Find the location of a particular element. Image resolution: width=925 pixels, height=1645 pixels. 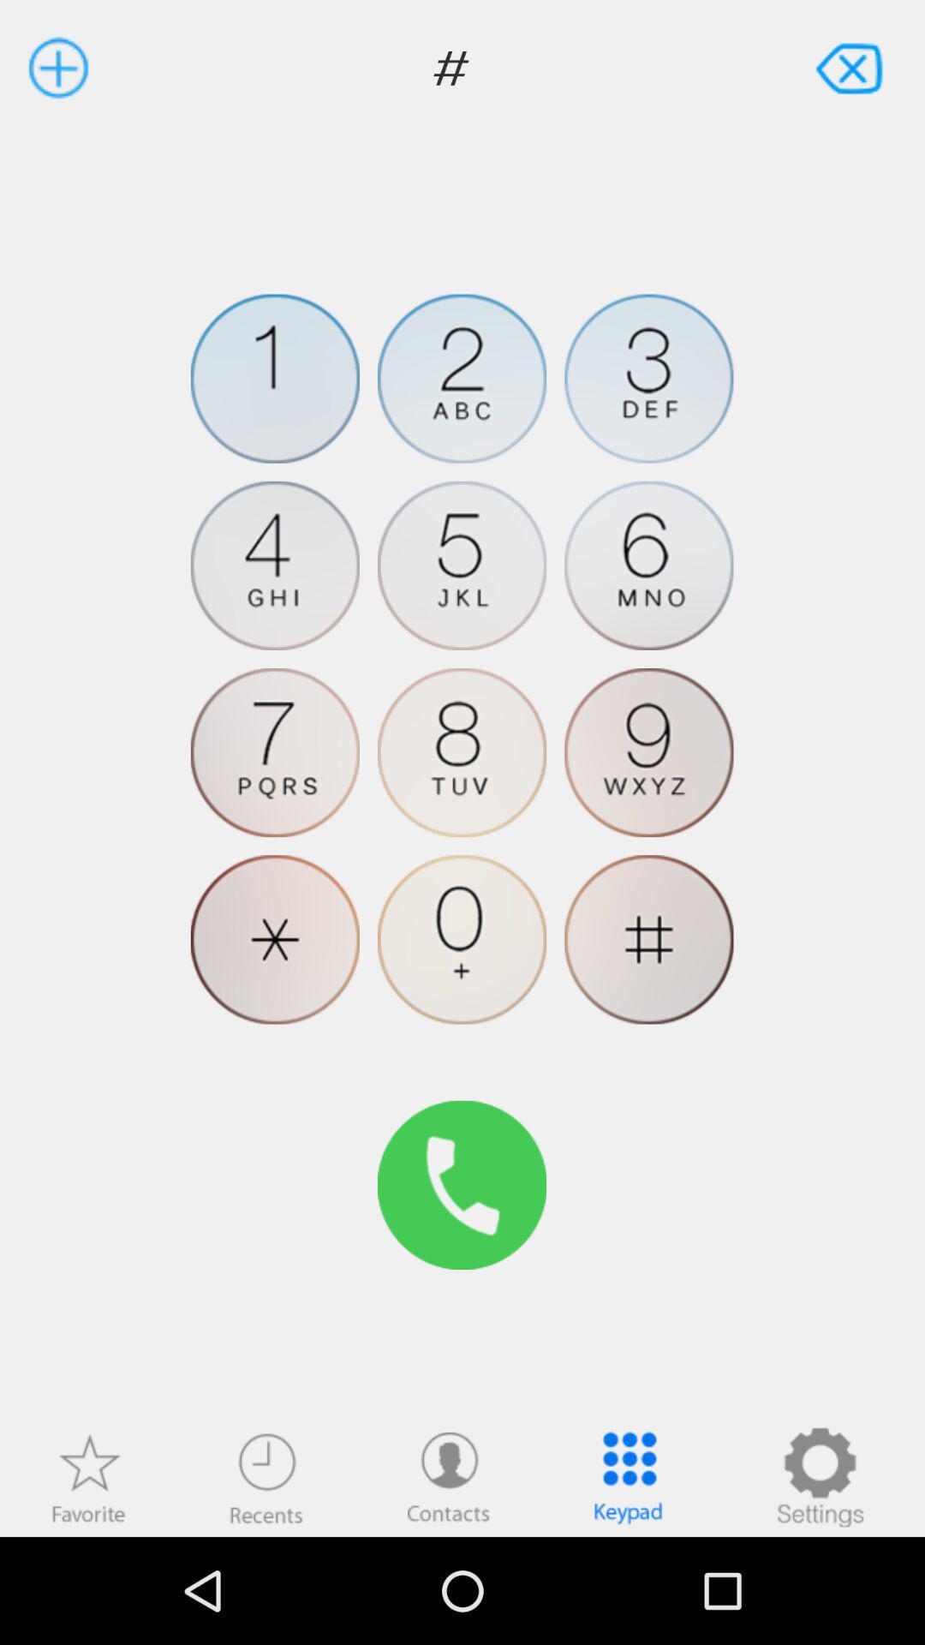

seven is located at coordinates (274, 752).